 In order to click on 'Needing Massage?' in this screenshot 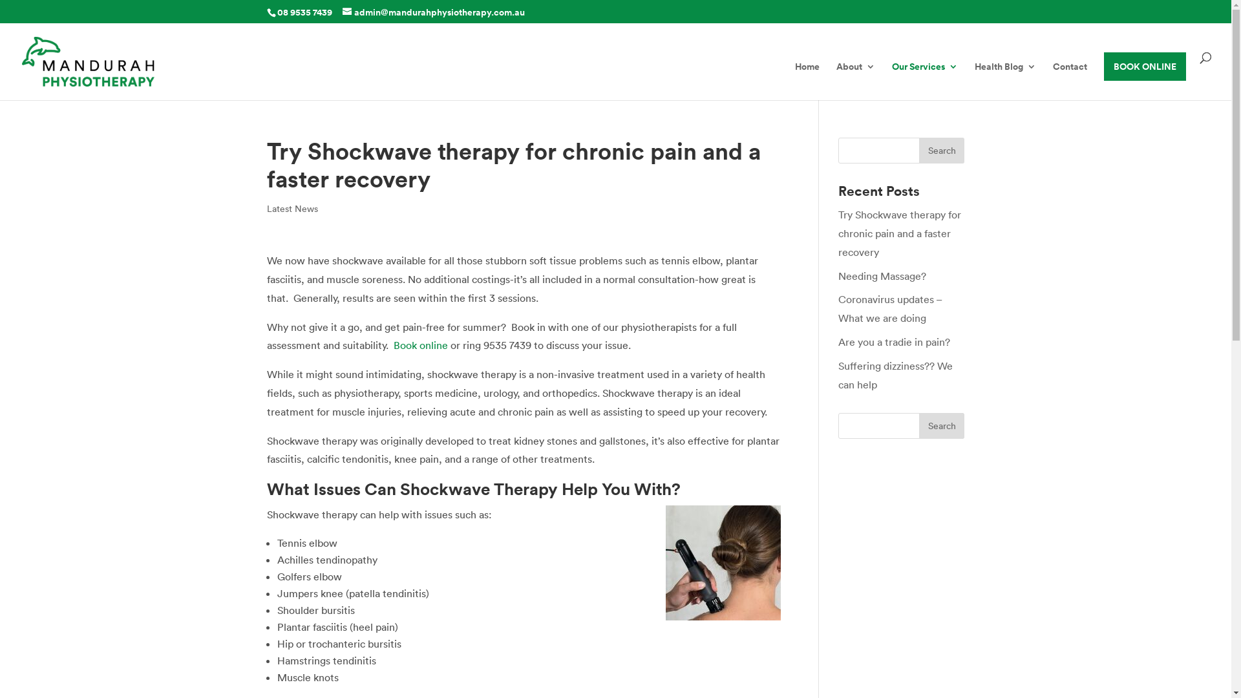, I will do `click(881, 275)`.